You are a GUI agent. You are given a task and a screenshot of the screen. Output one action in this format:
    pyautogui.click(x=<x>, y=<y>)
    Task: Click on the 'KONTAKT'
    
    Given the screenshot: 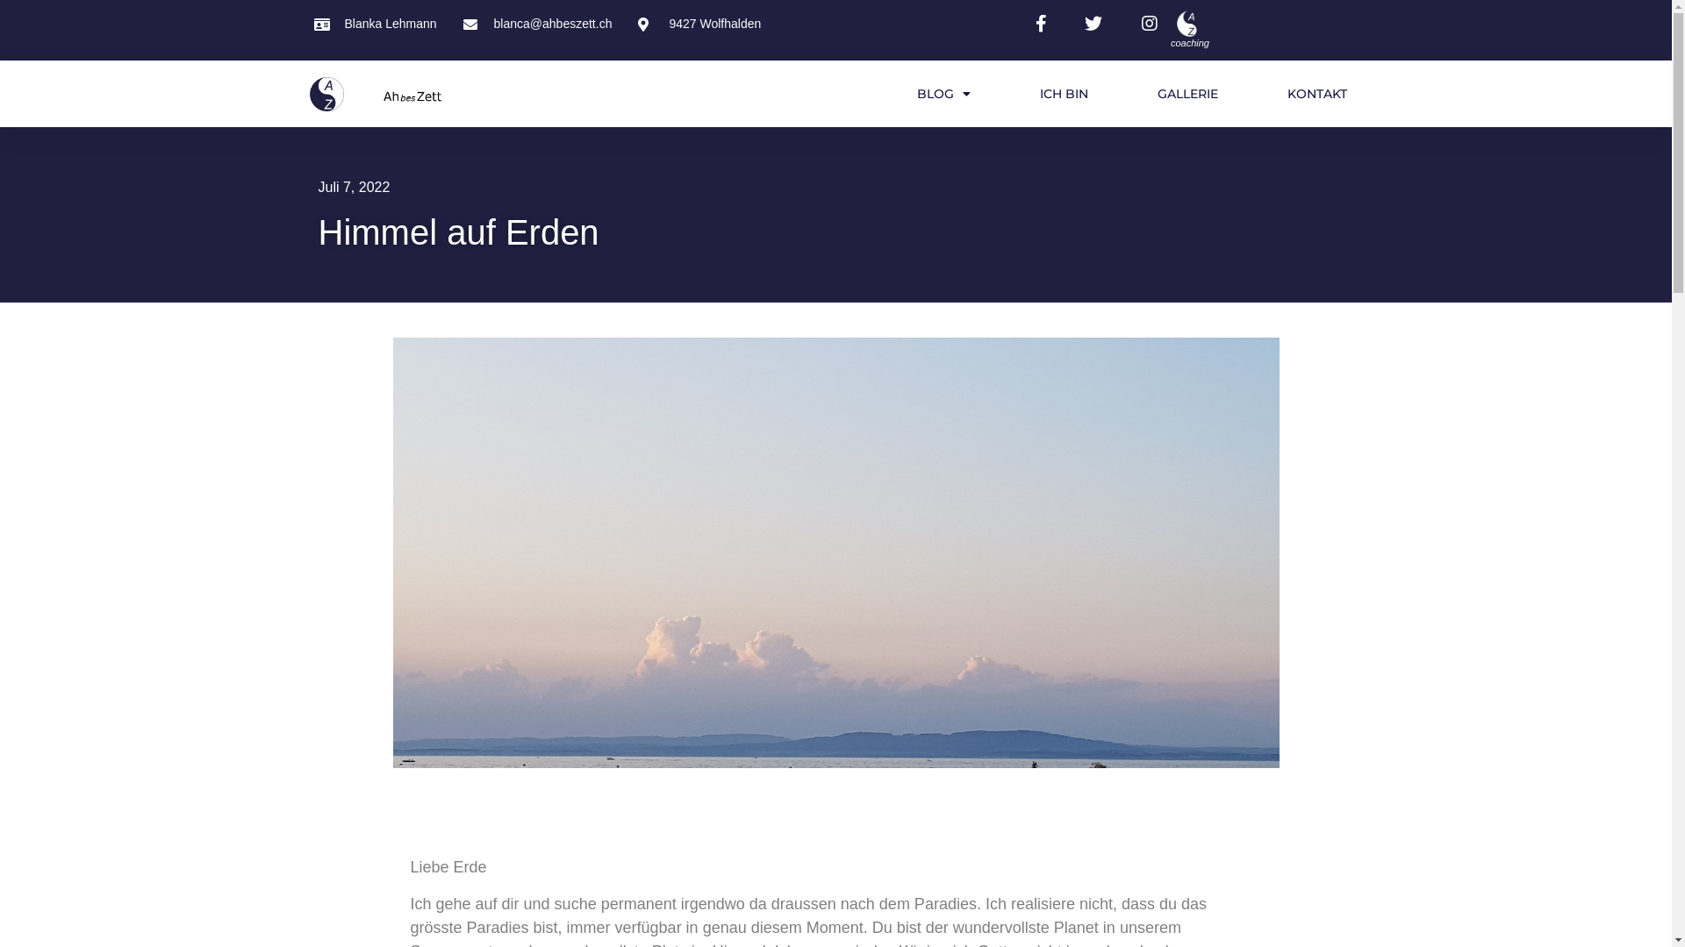 What is the action you would take?
    pyautogui.click(x=1317, y=94)
    